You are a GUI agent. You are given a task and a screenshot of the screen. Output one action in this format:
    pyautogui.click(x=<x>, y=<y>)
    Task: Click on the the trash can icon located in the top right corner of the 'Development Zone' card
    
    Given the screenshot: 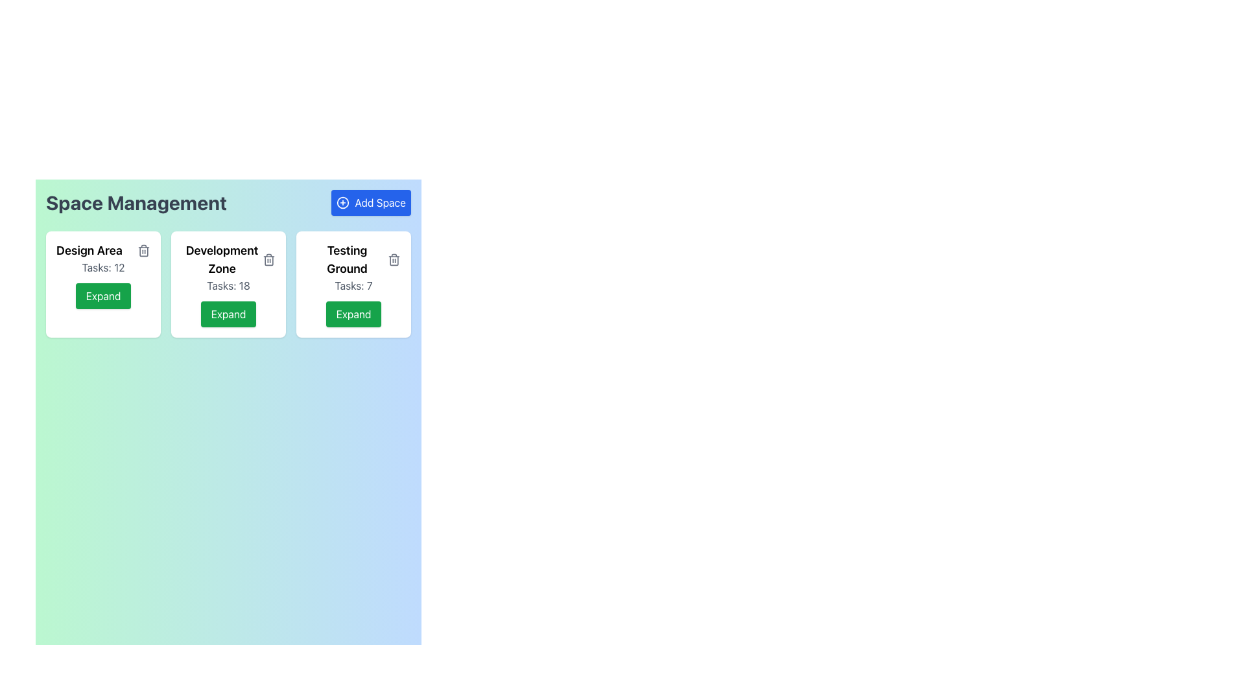 What is the action you would take?
    pyautogui.click(x=268, y=260)
    